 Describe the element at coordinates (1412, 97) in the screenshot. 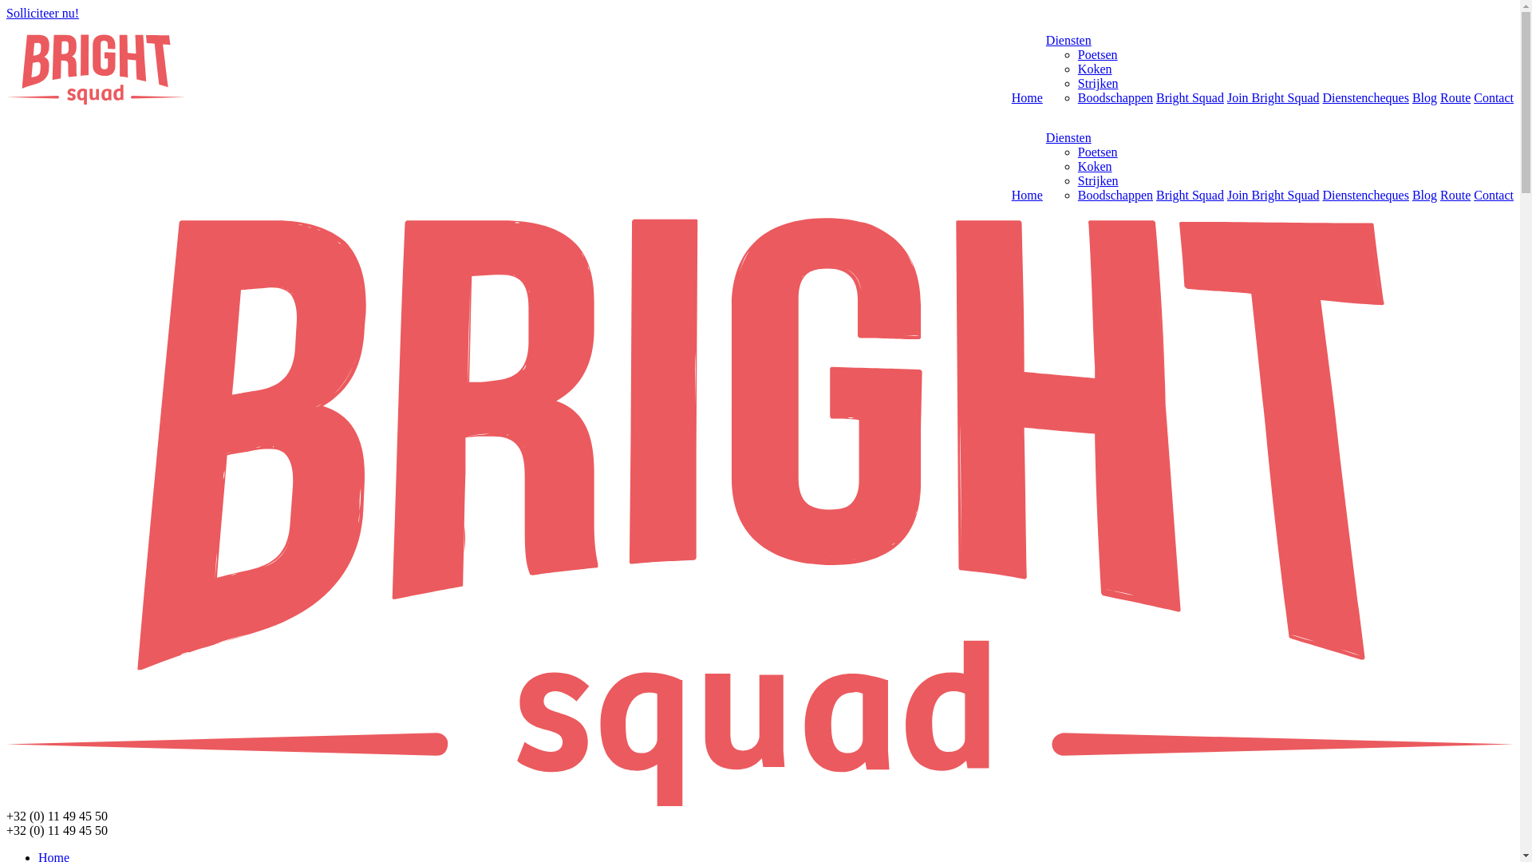

I see `'Blog'` at that location.